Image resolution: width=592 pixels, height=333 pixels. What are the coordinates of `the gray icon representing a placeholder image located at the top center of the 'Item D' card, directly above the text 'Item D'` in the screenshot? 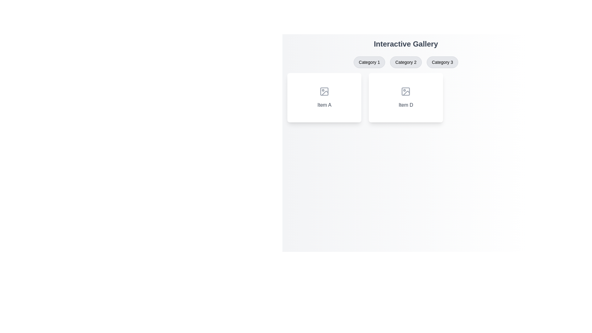 It's located at (406, 92).